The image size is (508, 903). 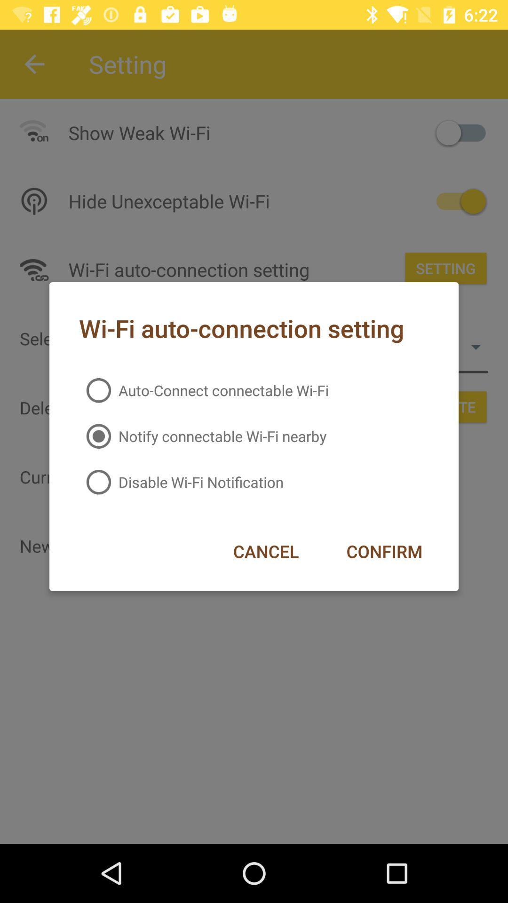 What do you see at coordinates (203, 390) in the screenshot?
I see `the auto connect connectable item` at bounding box center [203, 390].